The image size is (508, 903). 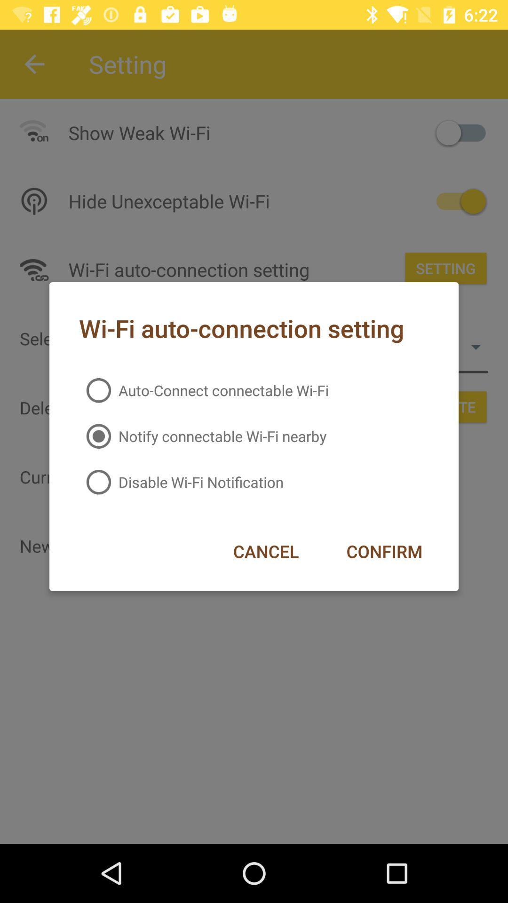 What do you see at coordinates (203, 390) in the screenshot?
I see `the auto connect connectable item` at bounding box center [203, 390].